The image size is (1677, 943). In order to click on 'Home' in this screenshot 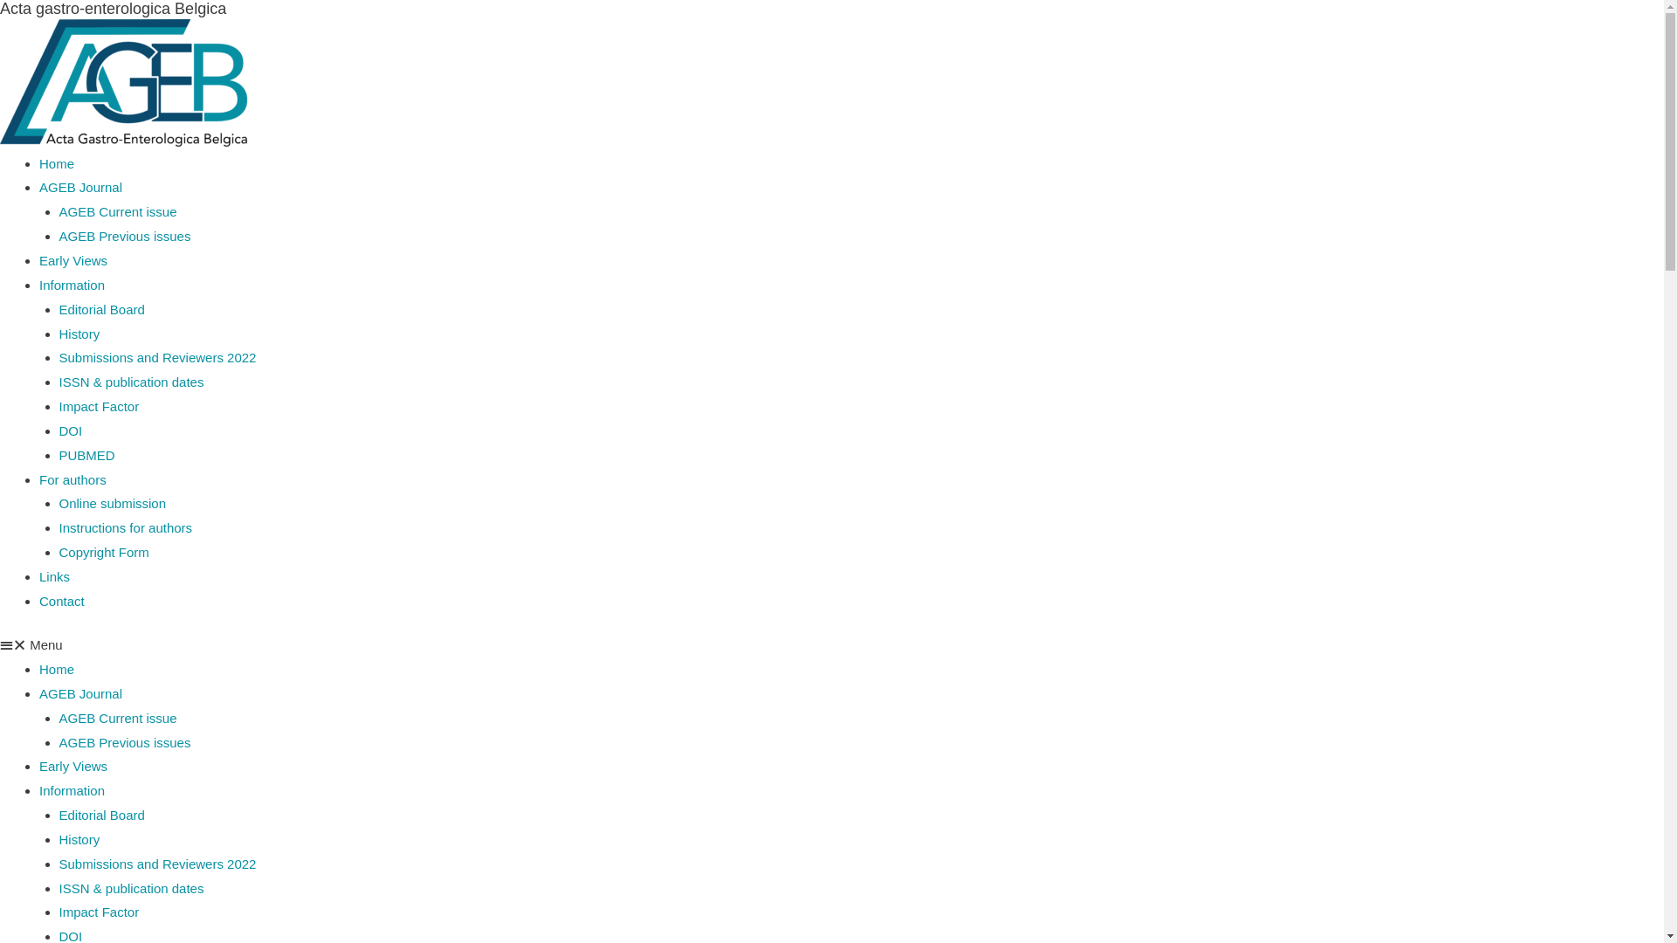, I will do `click(57, 668)`.